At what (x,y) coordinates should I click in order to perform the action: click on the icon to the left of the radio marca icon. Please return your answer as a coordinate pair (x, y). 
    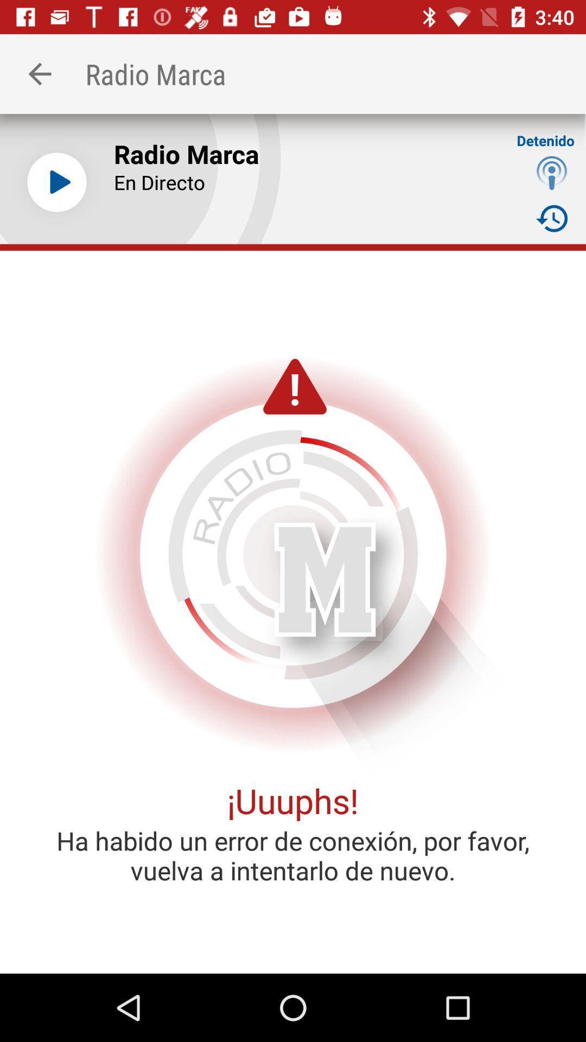
    Looking at the image, I should click on (39, 73).